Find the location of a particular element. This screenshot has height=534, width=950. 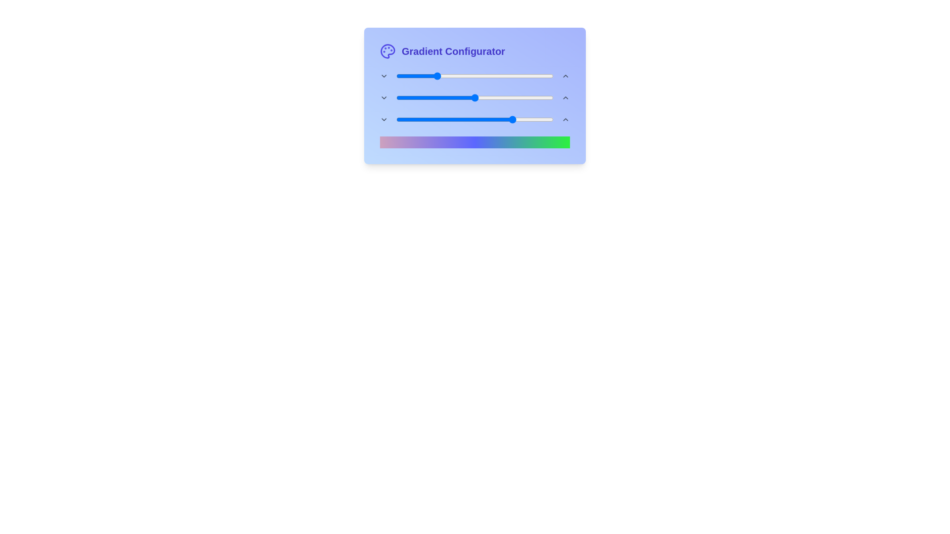

the mid gradient slider to 93 percent is located at coordinates (542, 97).